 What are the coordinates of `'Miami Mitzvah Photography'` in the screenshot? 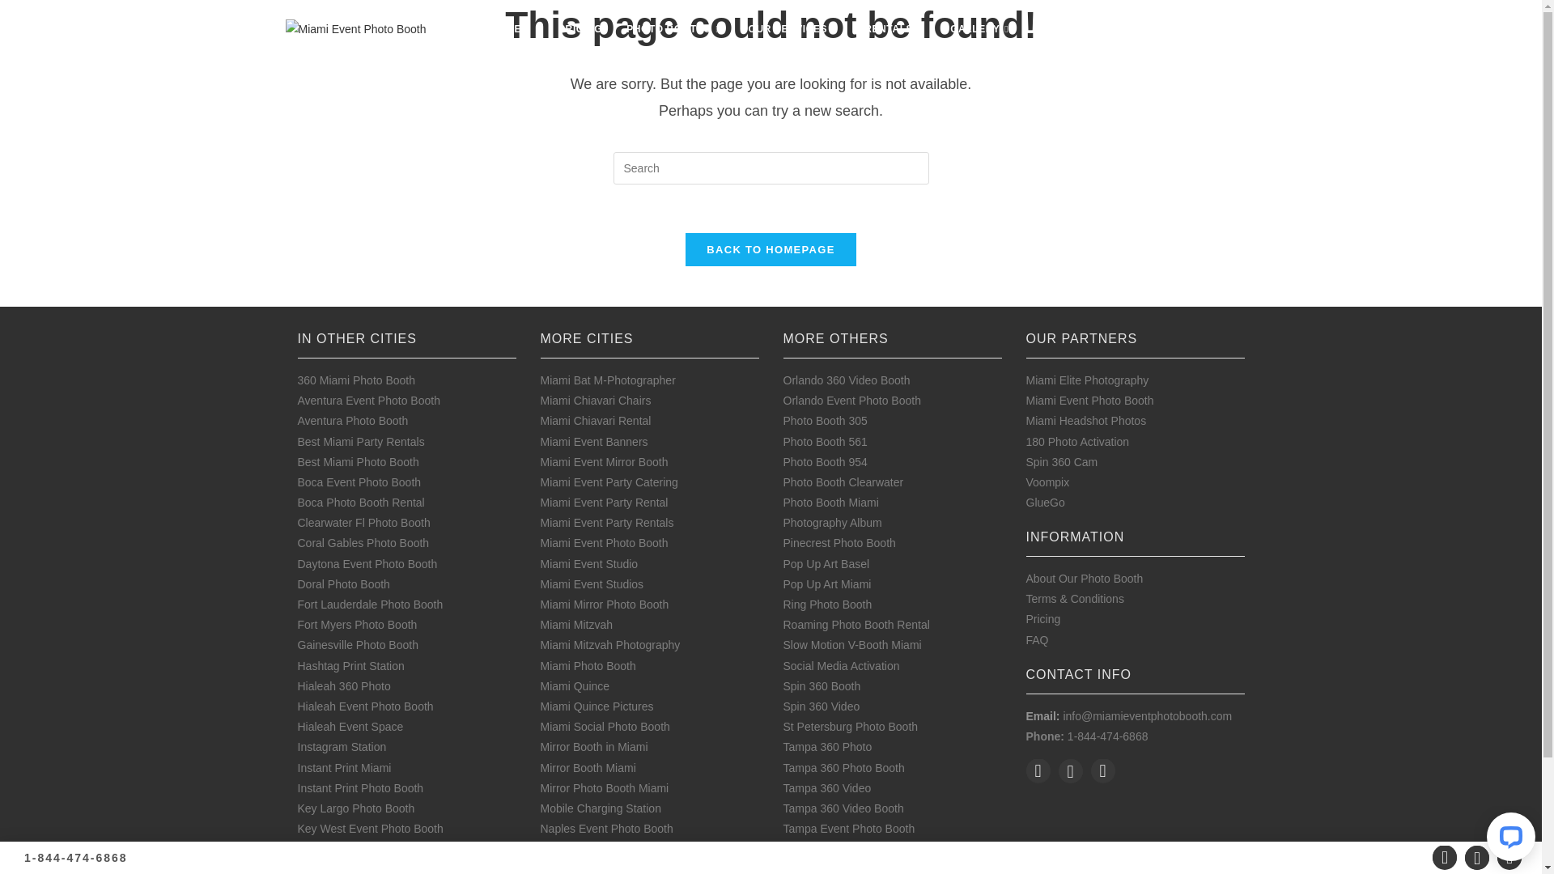 It's located at (609, 644).